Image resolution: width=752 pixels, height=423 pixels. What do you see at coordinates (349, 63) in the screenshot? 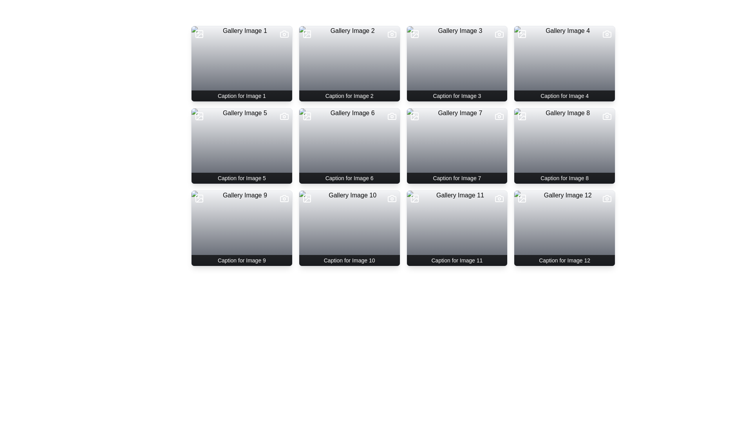
I see `the decorative overlay that is centrally placed on the second card in the top row of a 4x3 grid layout, which provides visual emphasis to the card's content` at bounding box center [349, 63].